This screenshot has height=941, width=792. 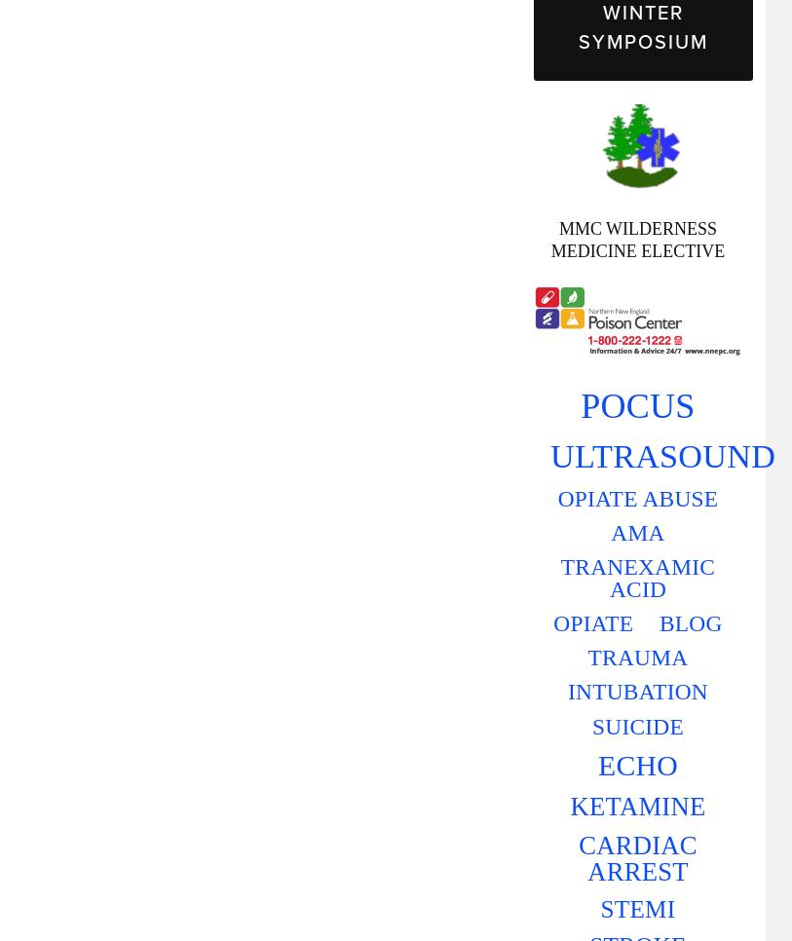 I want to click on 'ECHO', so click(x=637, y=764).